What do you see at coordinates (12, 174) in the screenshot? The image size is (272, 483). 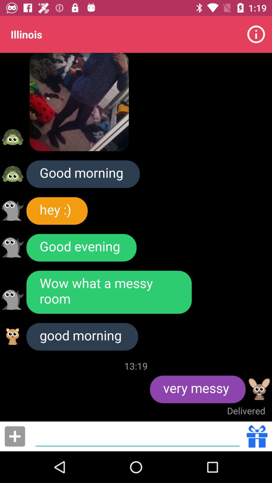 I see `open user 's profile` at bounding box center [12, 174].